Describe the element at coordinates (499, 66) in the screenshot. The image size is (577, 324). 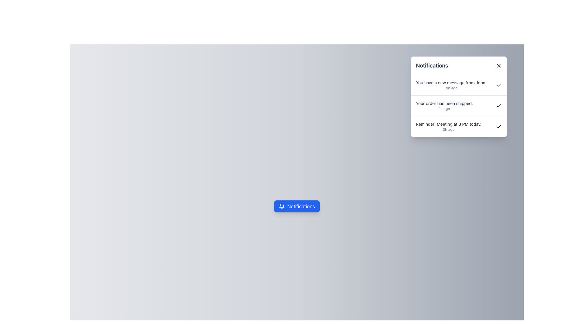
I see `the small 'X' icon button located in the top-right corner of the notification popup header, which is styled with an outline design and positioned to the right of the 'Notifications' title` at that location.